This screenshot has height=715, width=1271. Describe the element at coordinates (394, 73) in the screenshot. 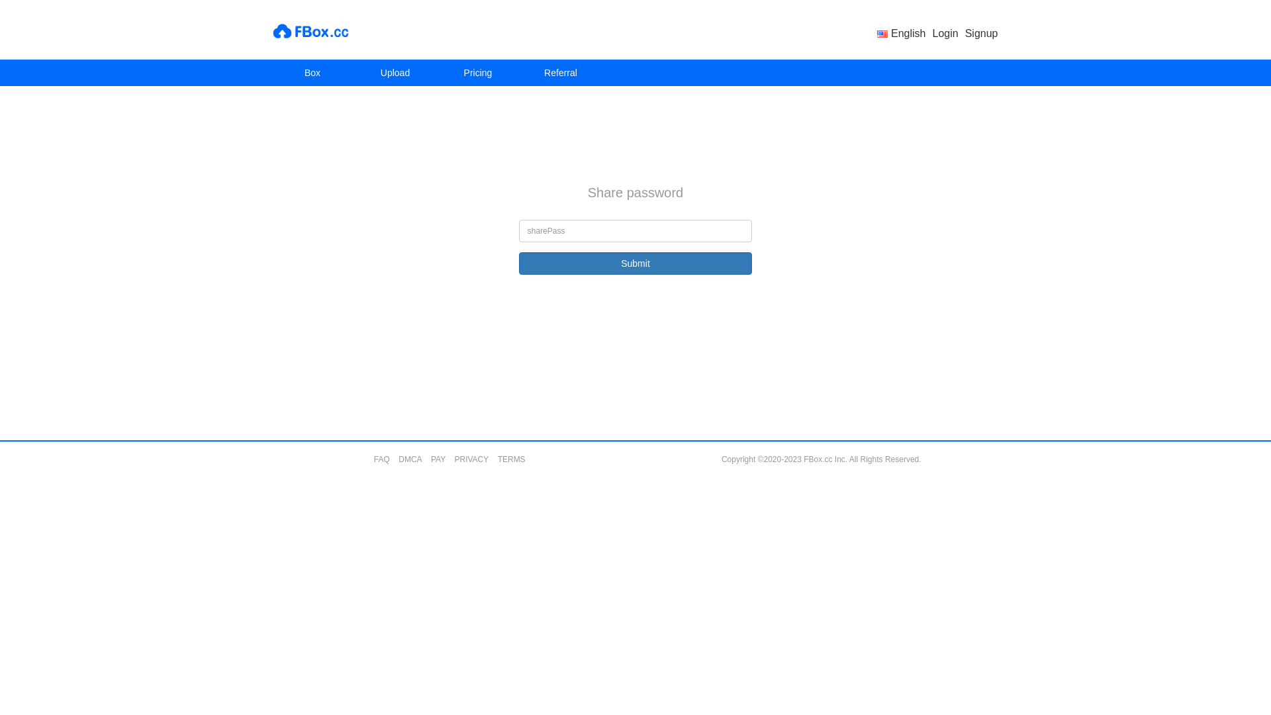

I see `'Upload'` at that location.